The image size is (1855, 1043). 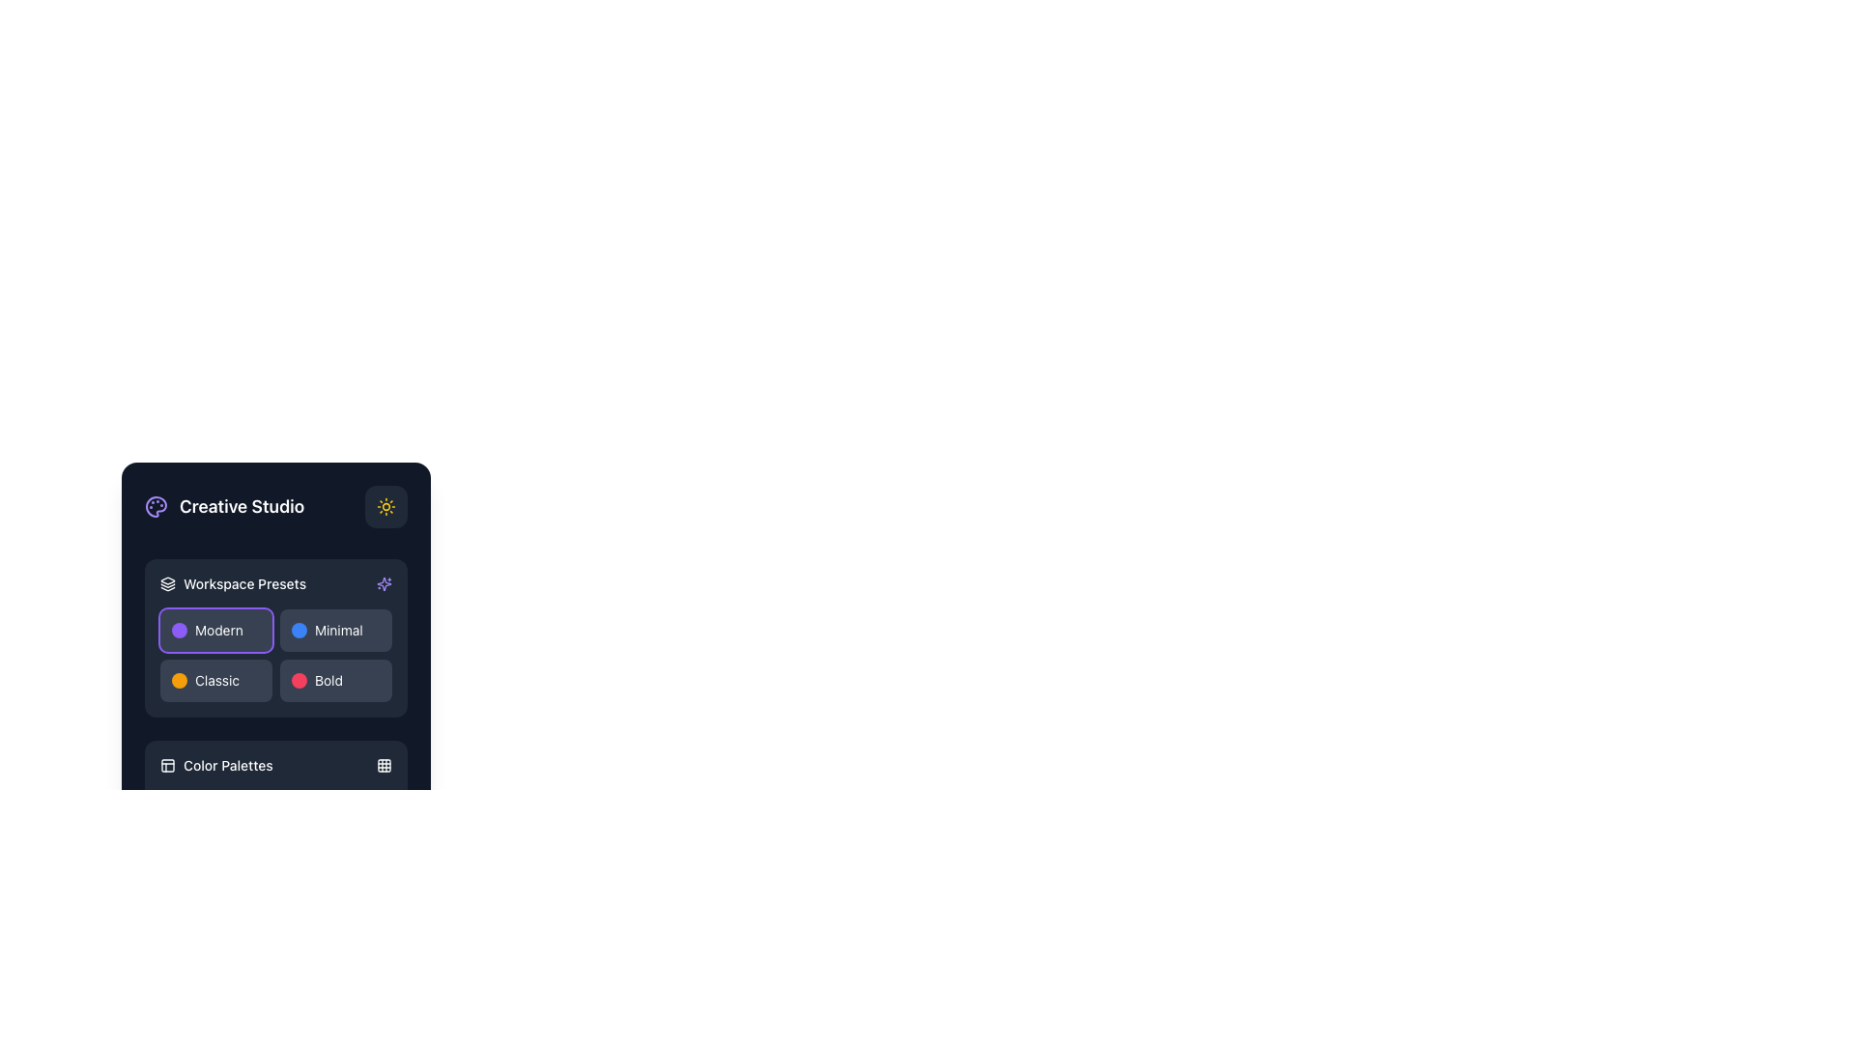 I want to click on the icon located on the left side of the toolbar labeled 'Workspace Presets', which visually represents features related to layers or hierarchy, so click(x=167, y=583).